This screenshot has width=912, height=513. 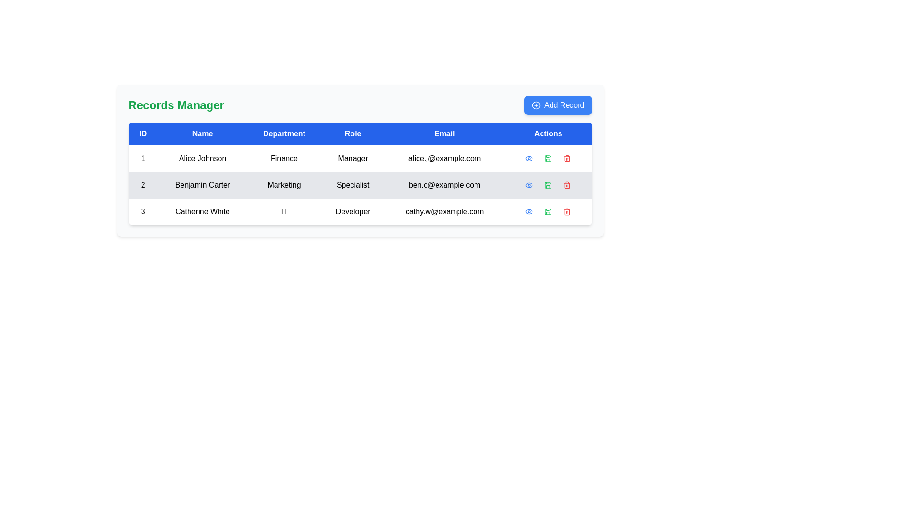 I want to click on the green save icon, which is the second icon in the 'Actions' column of the first row in the data table, so click(x=548, y=158).